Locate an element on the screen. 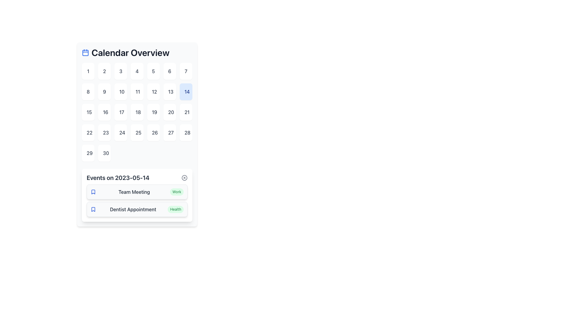 Image resolution: width=578 pixels, height=325 pixels. the numeric button displaying '9' in the calendar grid is located at coordinates (104, 91).